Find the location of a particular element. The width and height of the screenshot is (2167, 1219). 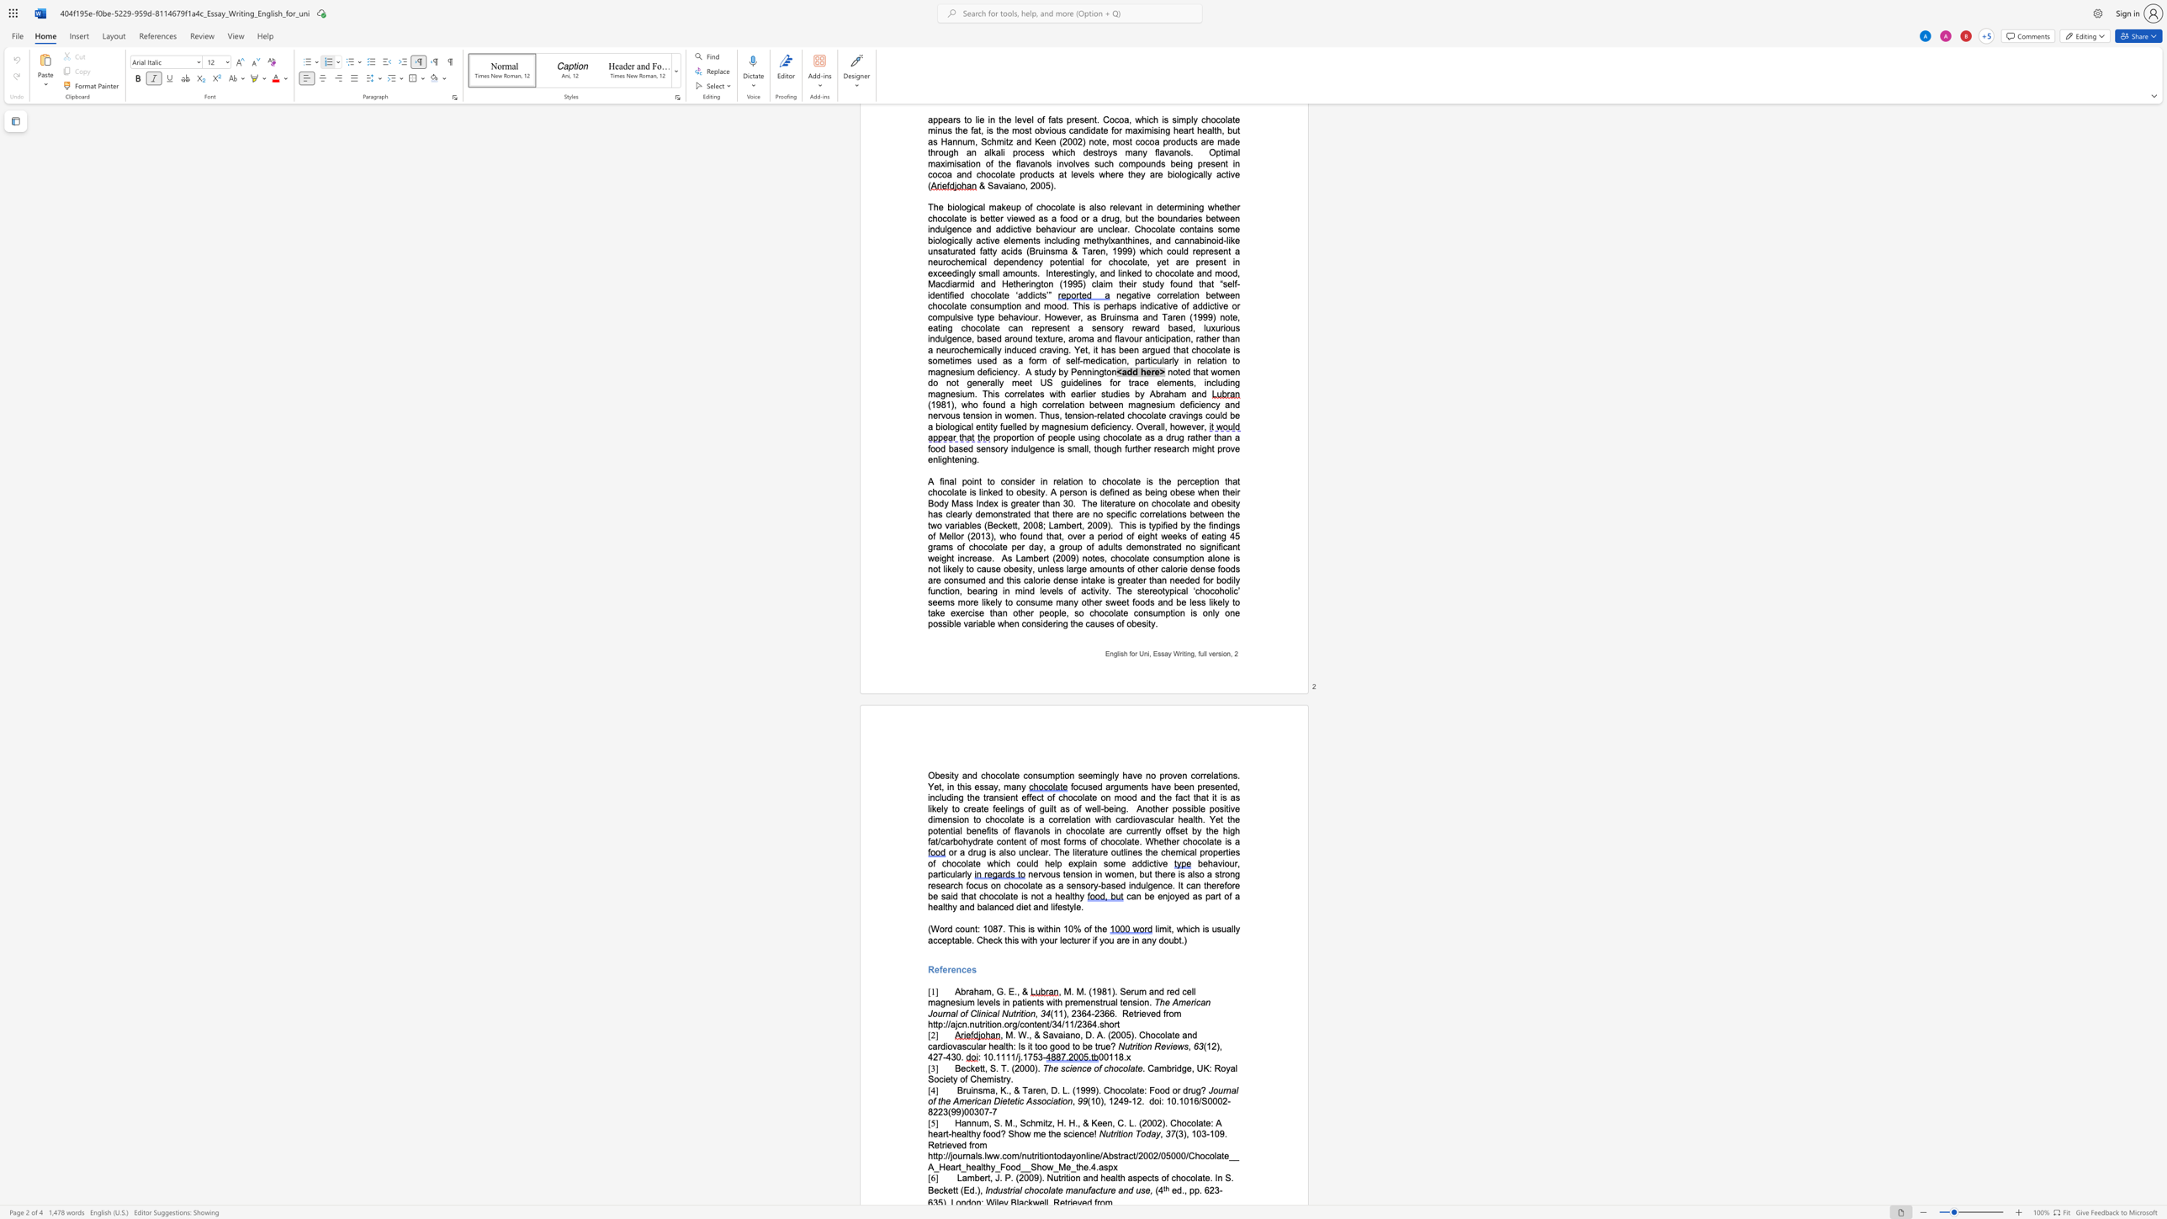

the space between the continuous character "9" and "-" in the text is located at coordinates (1127, 1101).